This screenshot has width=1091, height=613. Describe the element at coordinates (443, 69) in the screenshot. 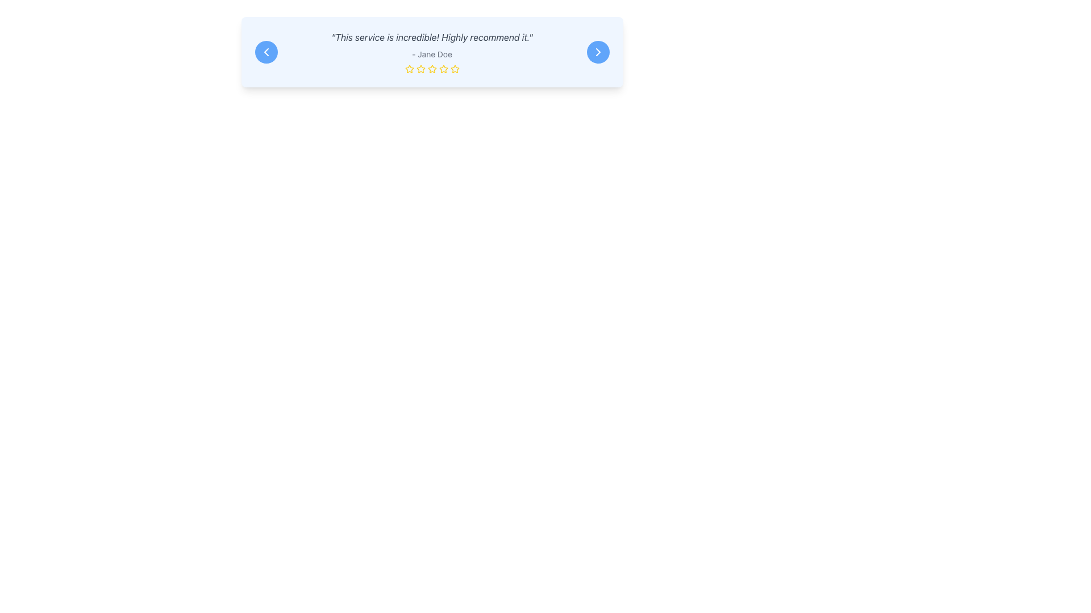

I see `the sixth star-shaped icon in a horizontal sequence of ten stars, styled with a yellow border, located at the bottom of a testimonial card for a rating system` at that location.